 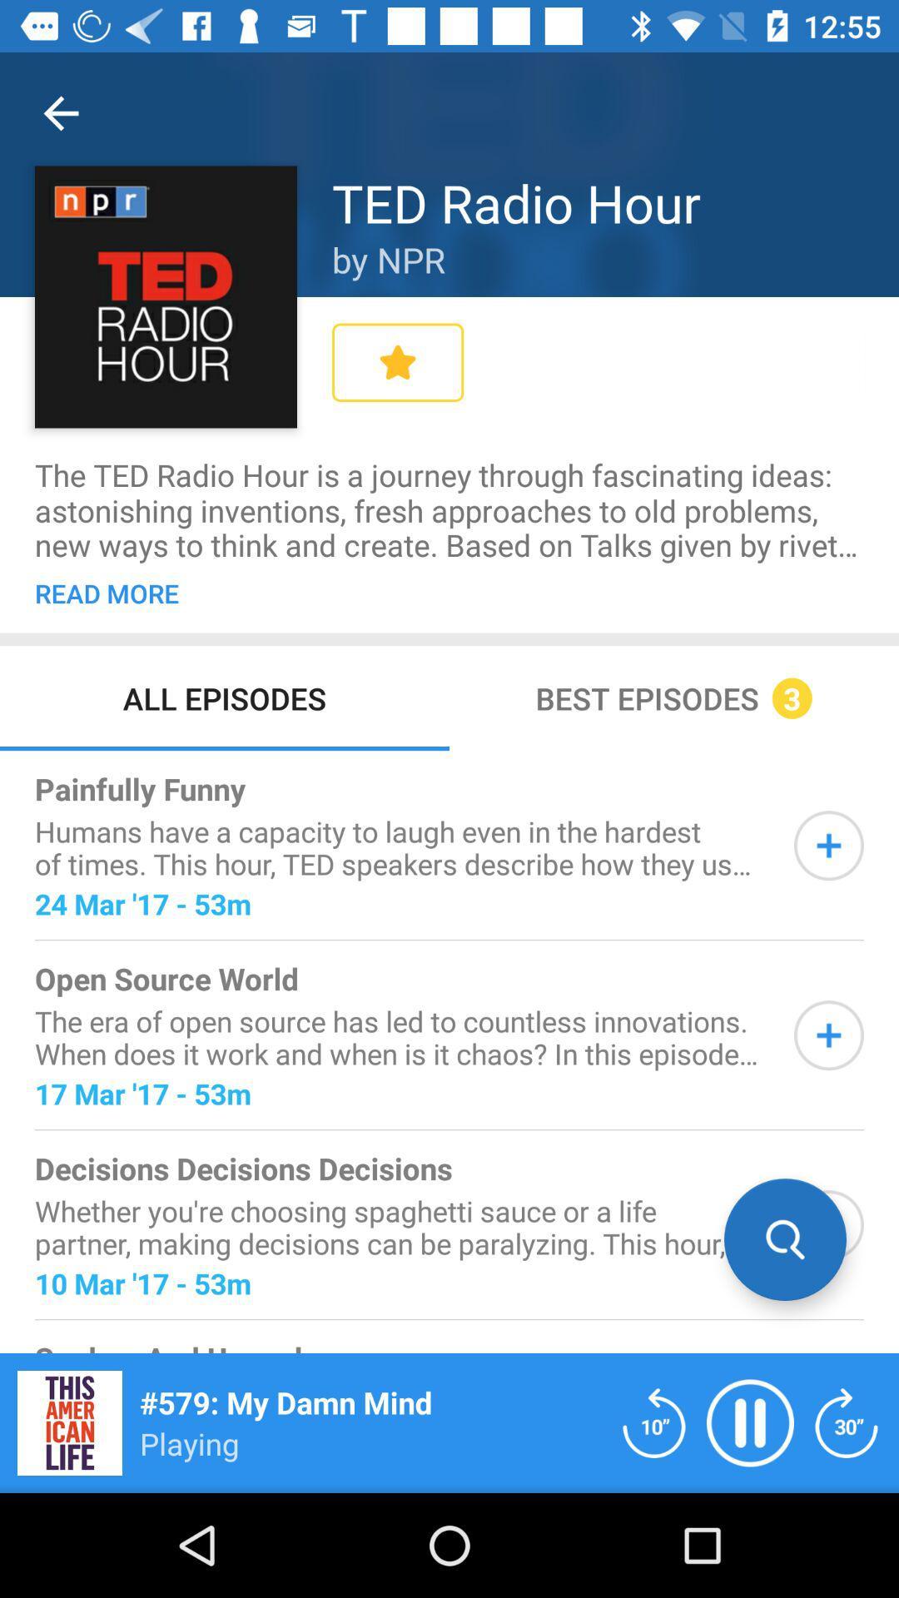 I want to click on the av_rewind icon, so click(x=653, y=1422).